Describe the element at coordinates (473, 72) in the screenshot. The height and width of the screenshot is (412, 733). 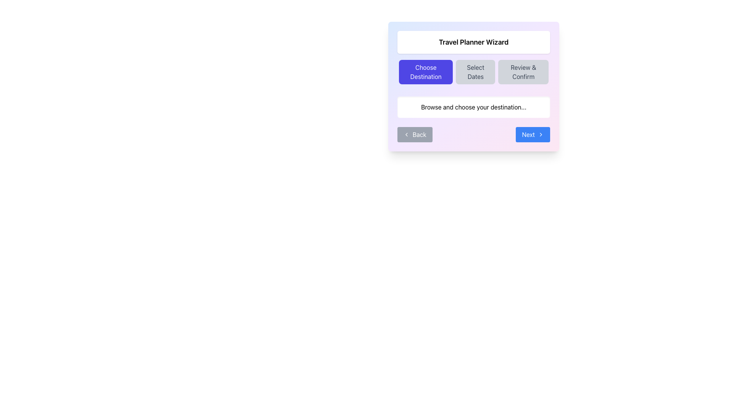
I see `the 'Select Dates' button, which is the central button in the group of three buttons under the title 'Travel Planner Wizard'` at that location.